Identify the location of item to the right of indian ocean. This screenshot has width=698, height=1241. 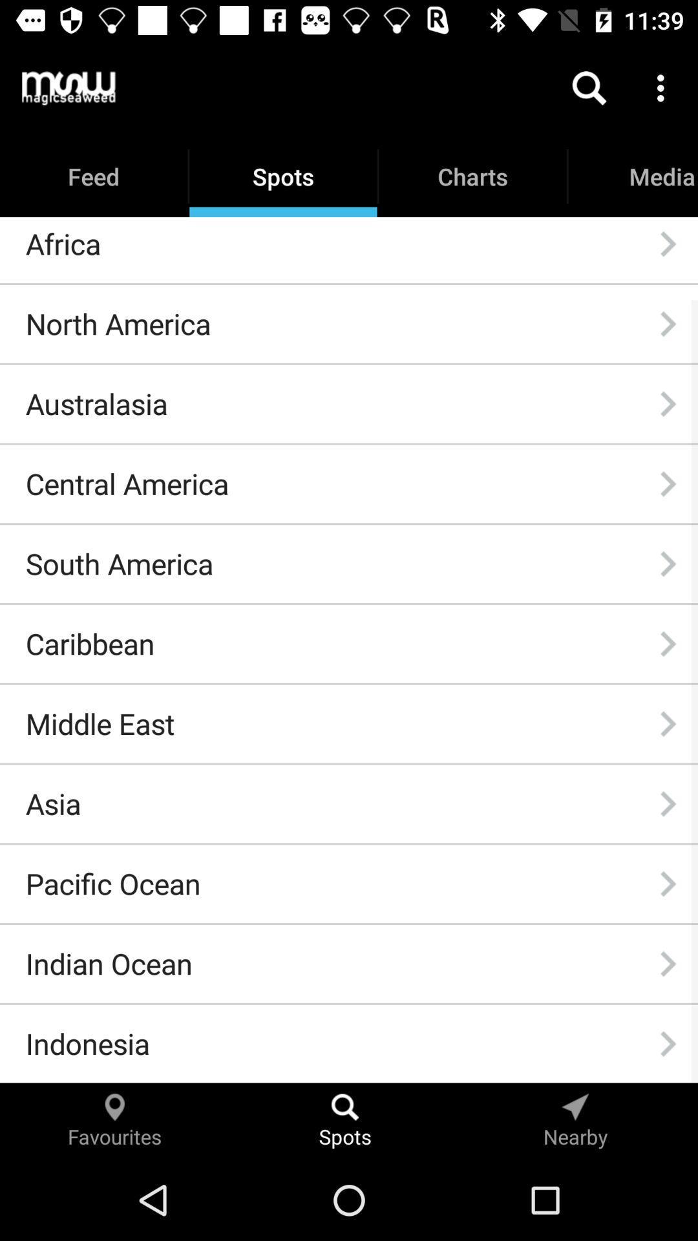
(668, 964).